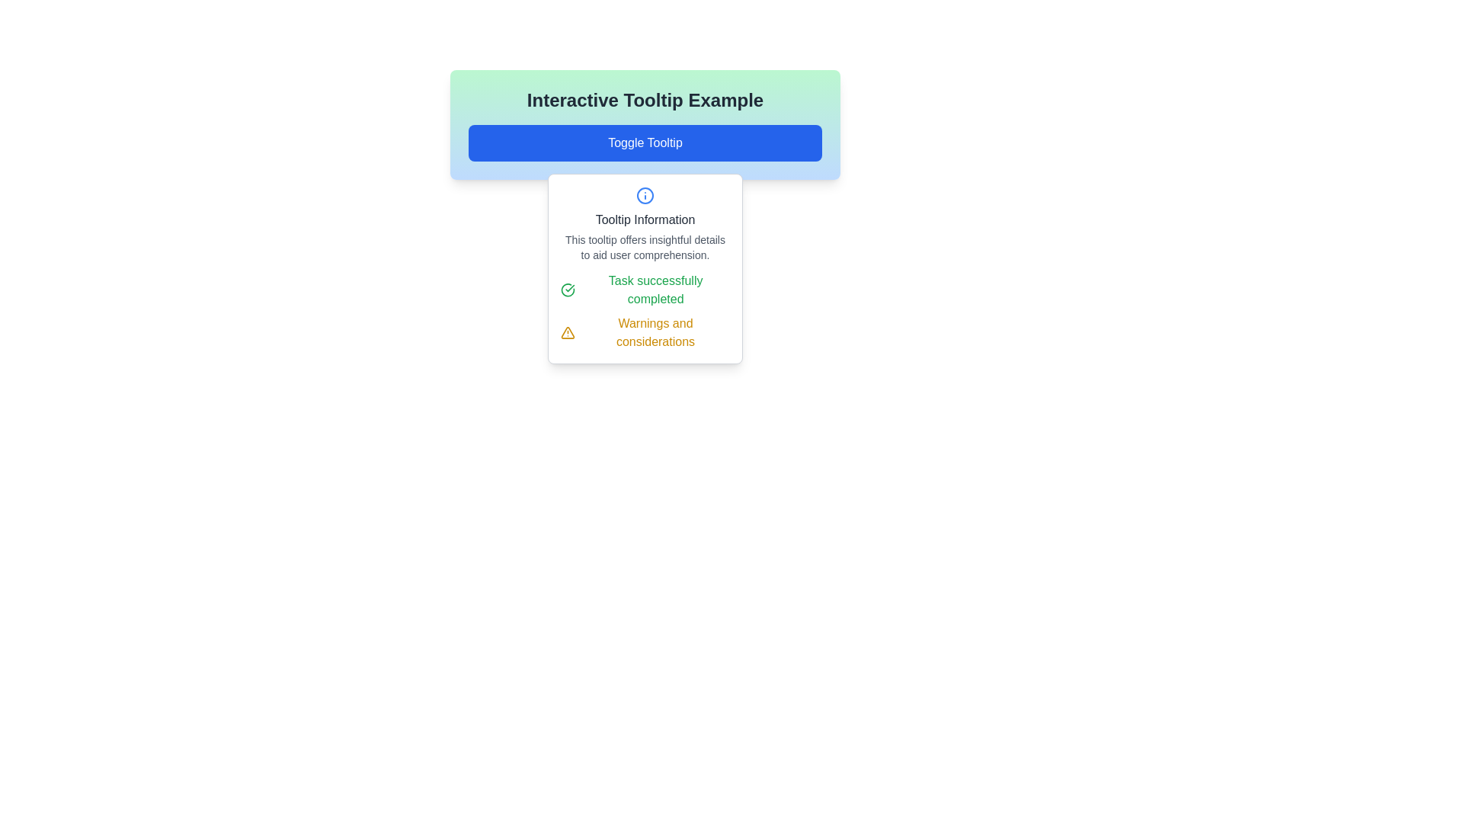 Image resolution: width=1463 pixels, height=823 pixels. I want to click on the surrounding area of the Status message with a green checkmark icon indicating 'Task successfully completed', so click(645, 290).